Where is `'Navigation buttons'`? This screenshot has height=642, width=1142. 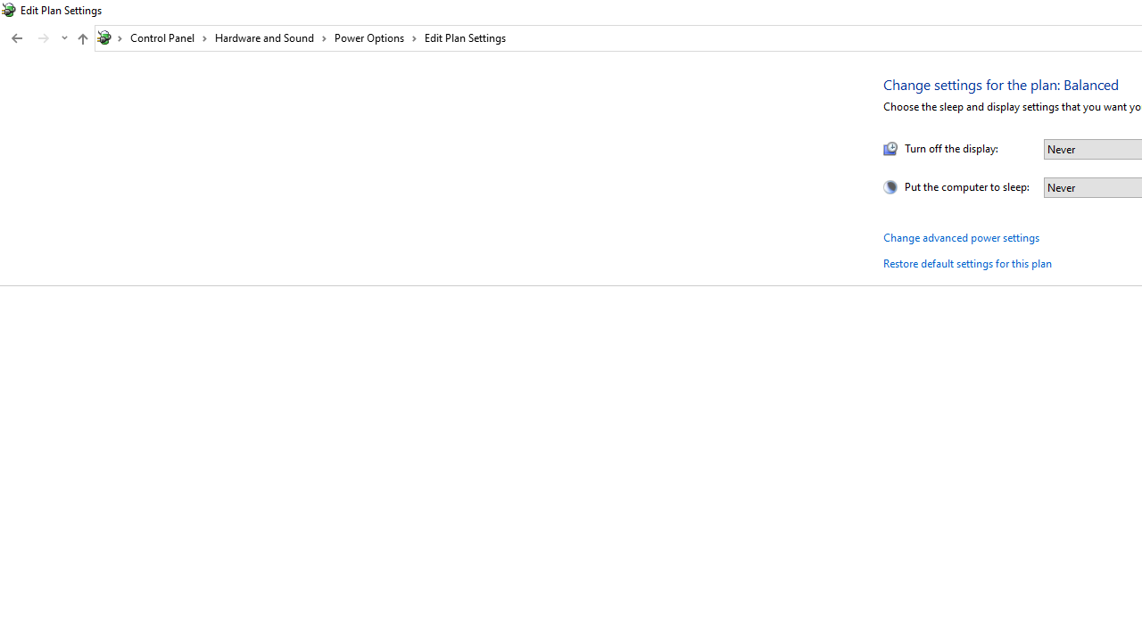
'Navigation buttons' is located at coordinates (37, 38).